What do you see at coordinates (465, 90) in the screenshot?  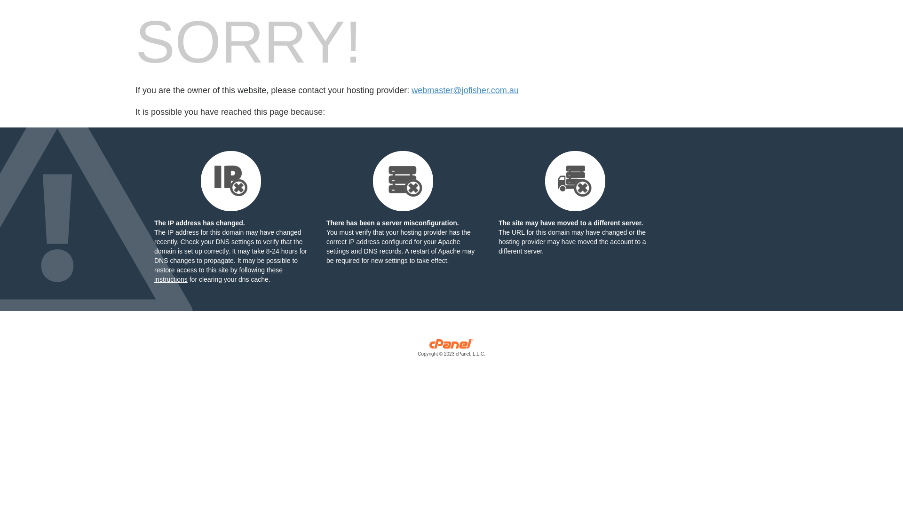 I see `'webmaster@jofisher.com.au'` at bounding box center [465, 90].